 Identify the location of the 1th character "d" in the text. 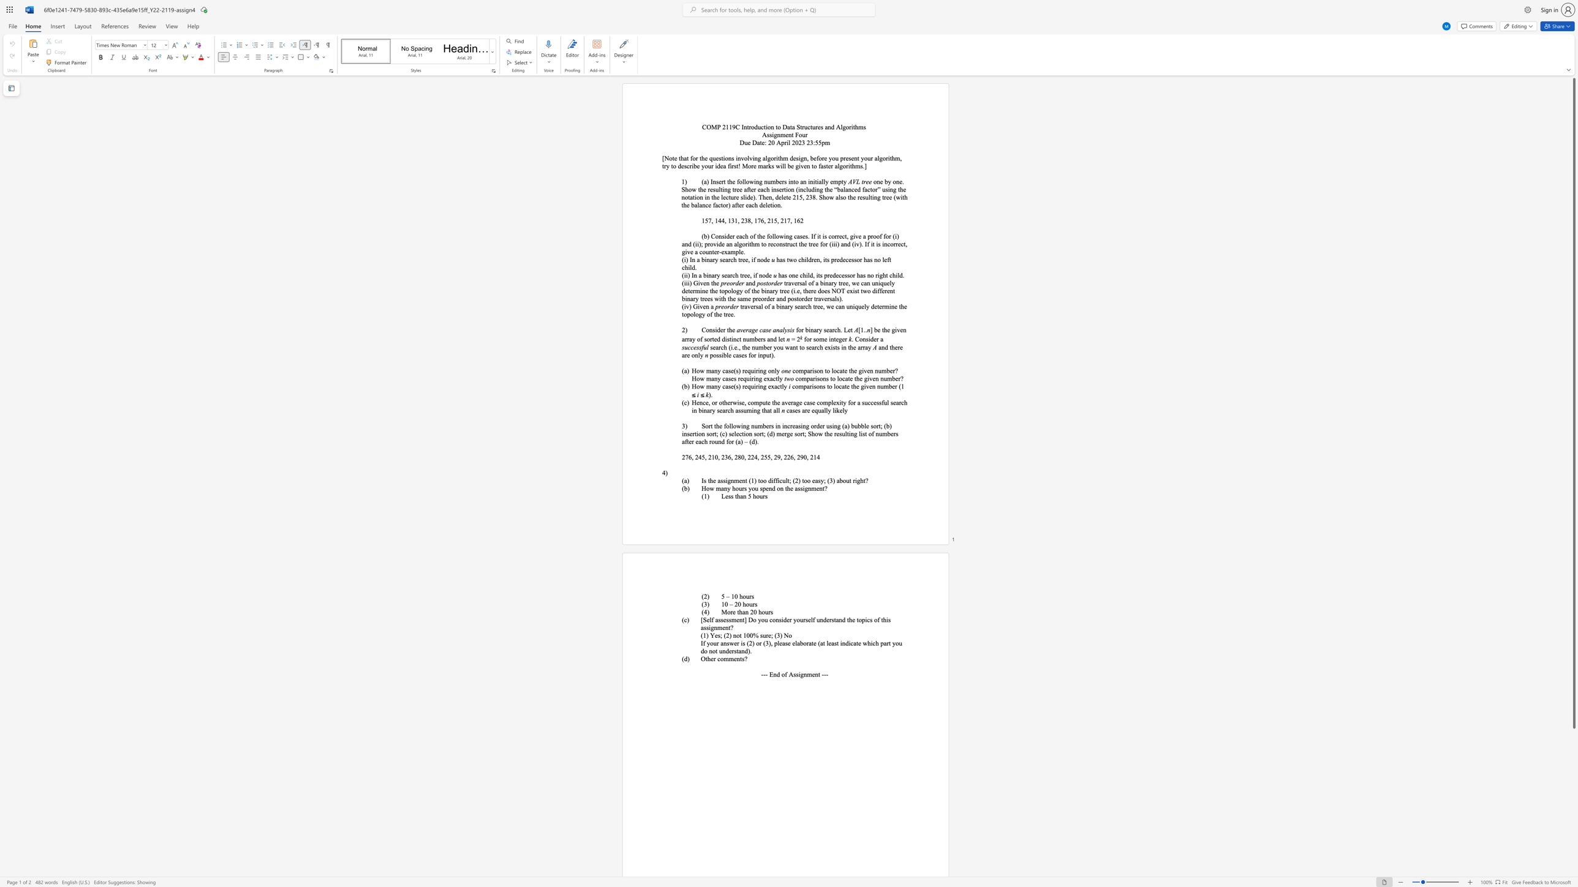
(718, 329).